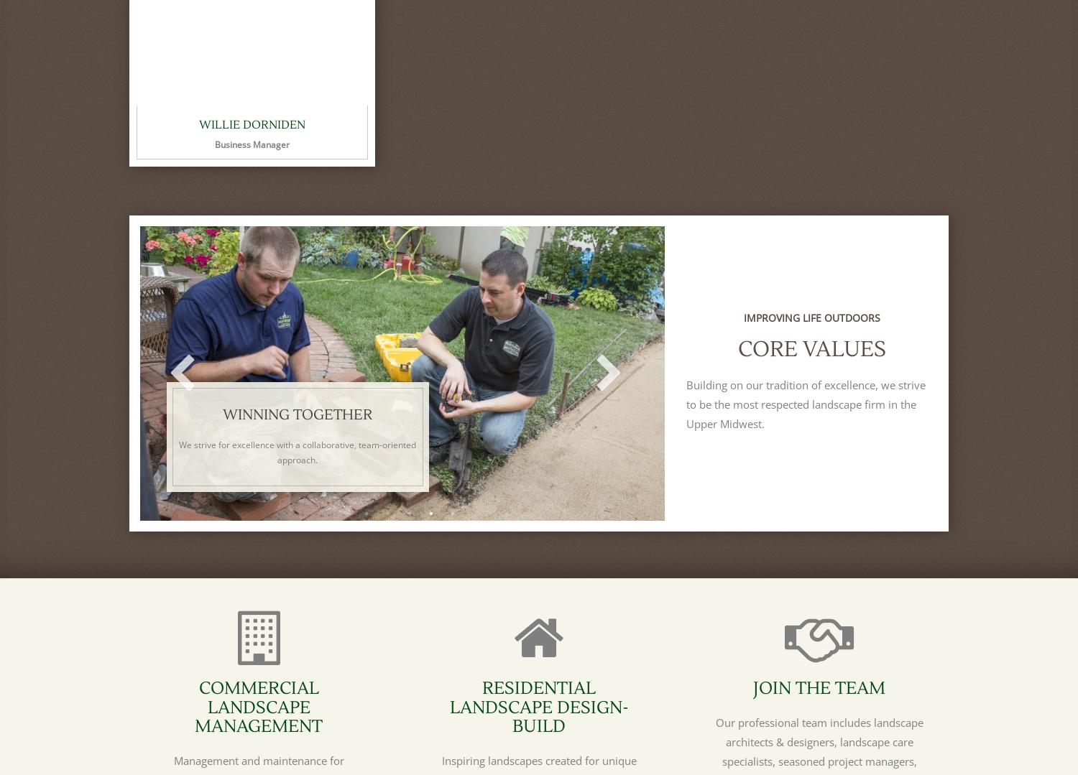 Image resolution: width=1078 pixels, height=775 pixels. I want to click on 'Business Manager', so click(214, 144).